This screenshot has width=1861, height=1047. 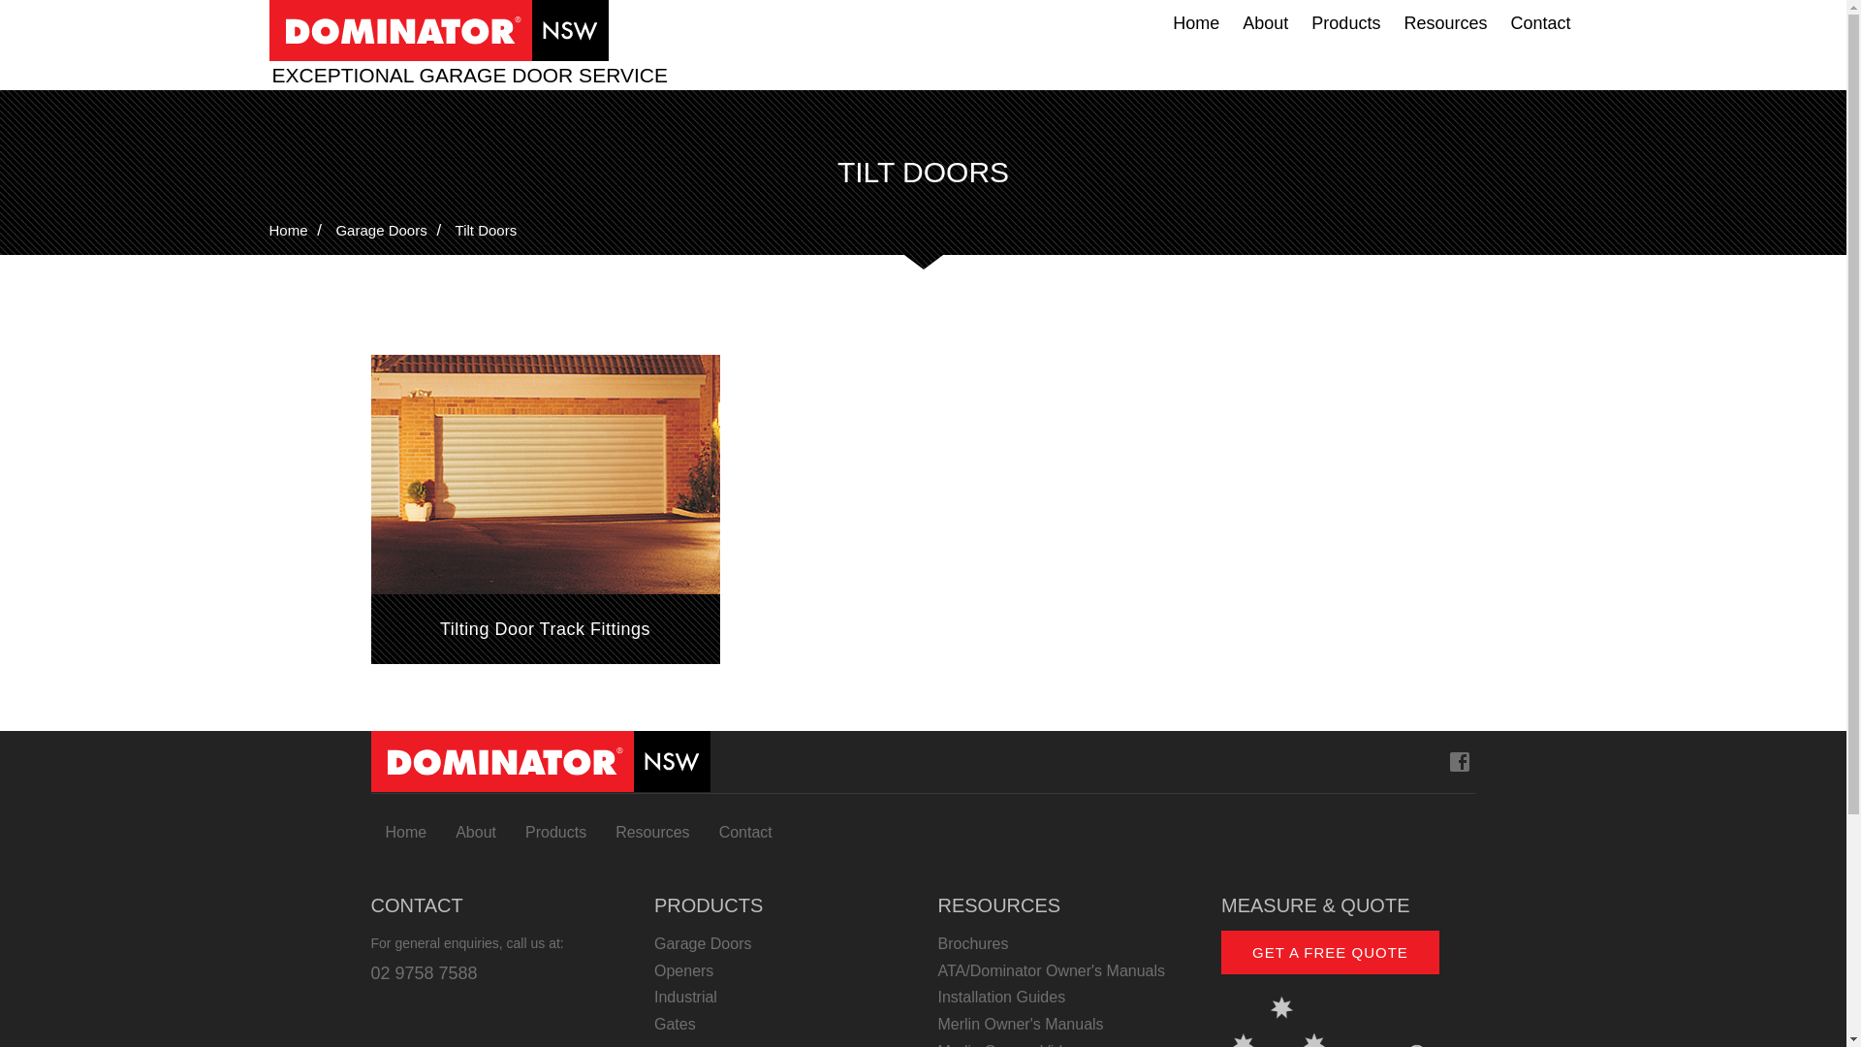 What do you see at coordinates (422, 972) in the screenshot?
I see `'02 9758 7588'` at bounding box center [422, 972].